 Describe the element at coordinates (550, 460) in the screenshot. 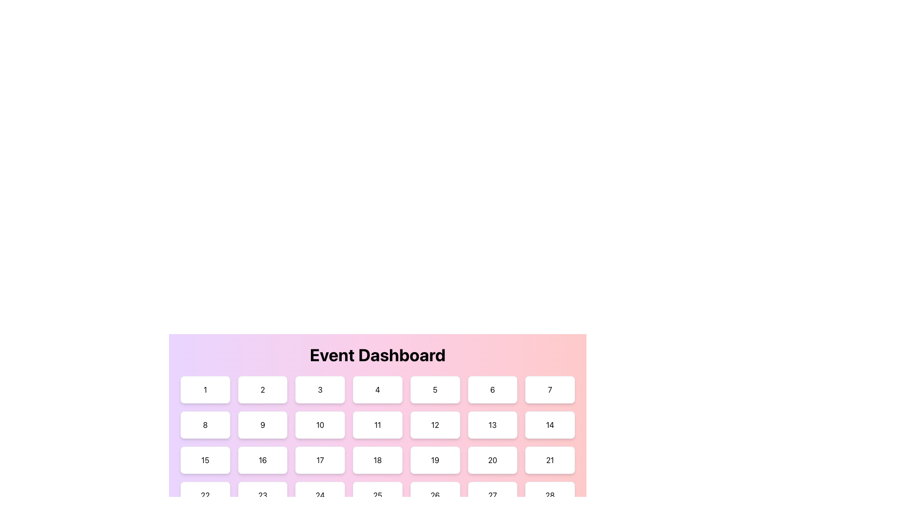

I see `the button labeled '21'` at that location.